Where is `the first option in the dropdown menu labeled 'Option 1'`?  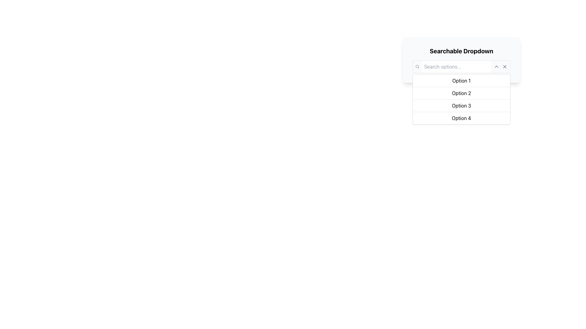
the first option in the dropdown menu labeled 'Option 1' is located at coordinates (461, 80).